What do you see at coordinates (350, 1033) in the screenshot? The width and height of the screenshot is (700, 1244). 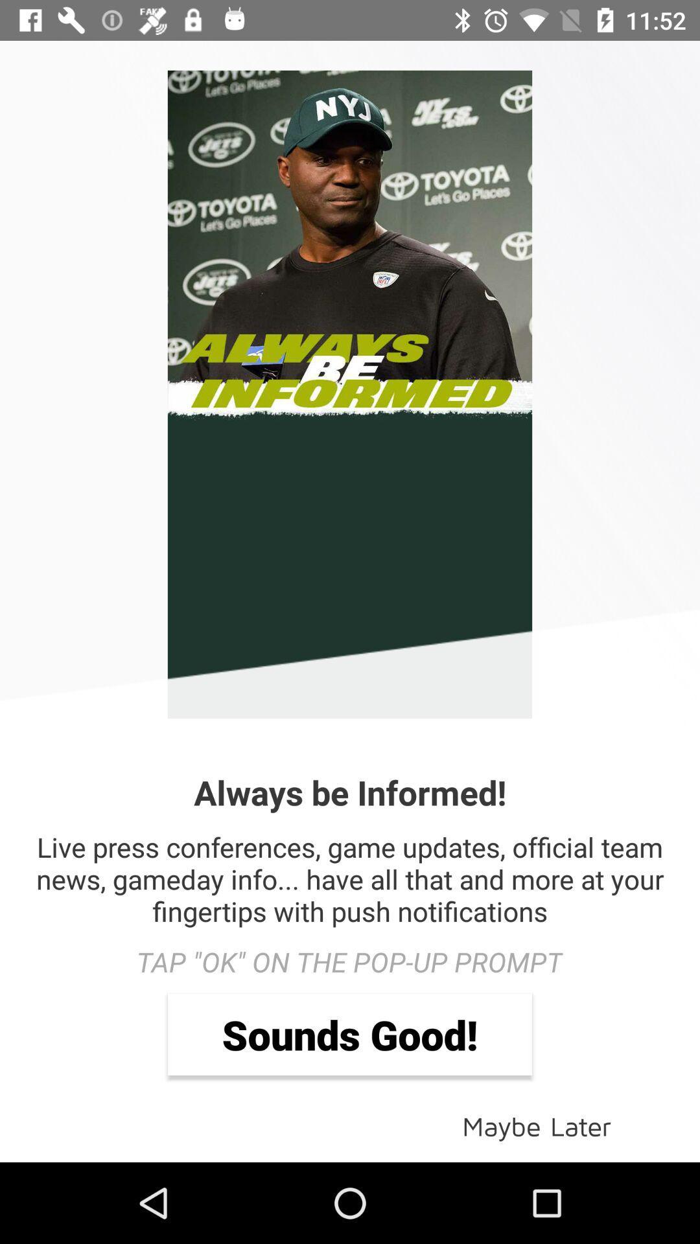 I see `the sounds good! icon` at bounding box center [350, 1033].